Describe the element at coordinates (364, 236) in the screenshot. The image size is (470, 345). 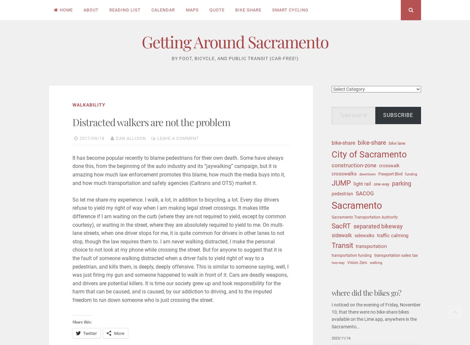
I see `'sidewalks'` at that location.